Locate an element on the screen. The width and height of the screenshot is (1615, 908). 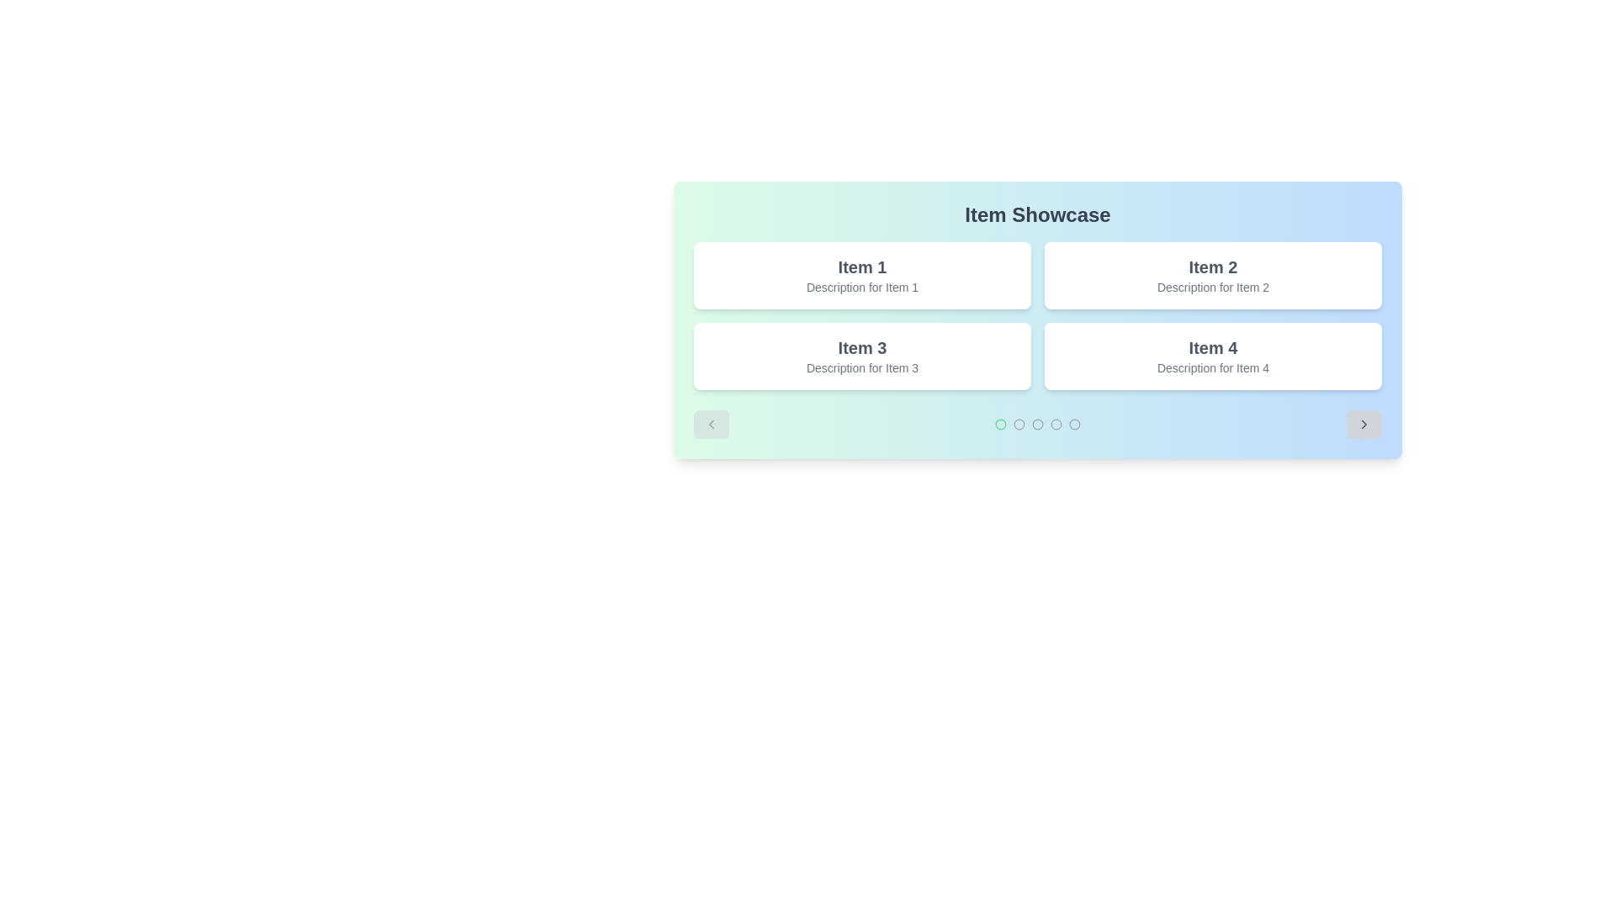
the rectangular button with a soft gray background and a right-facing chevron icon, located at the bottom-right corner of the content area is located at coordinates (1364, 424).